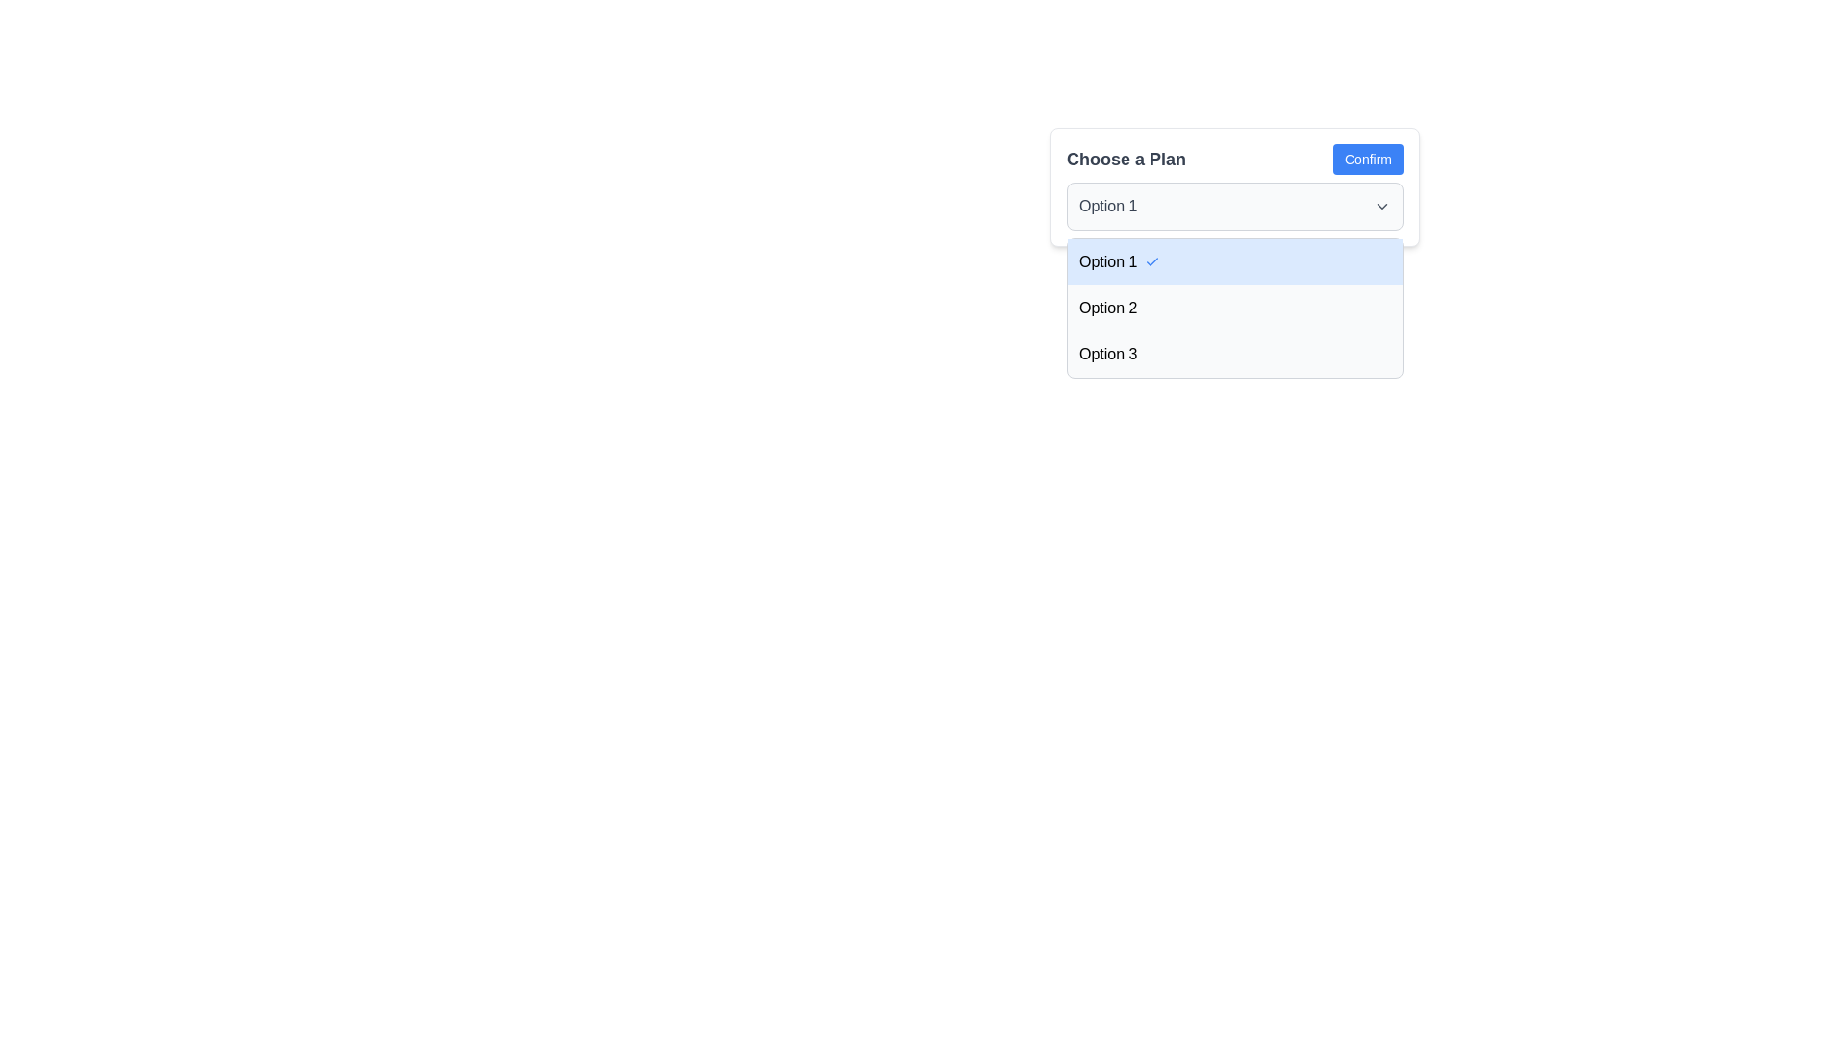 The width and height of the screenshot is (1847, 1038). I want to click on the text label displaying 'Option 2' in the dropdown menu, so click(1108, 307).